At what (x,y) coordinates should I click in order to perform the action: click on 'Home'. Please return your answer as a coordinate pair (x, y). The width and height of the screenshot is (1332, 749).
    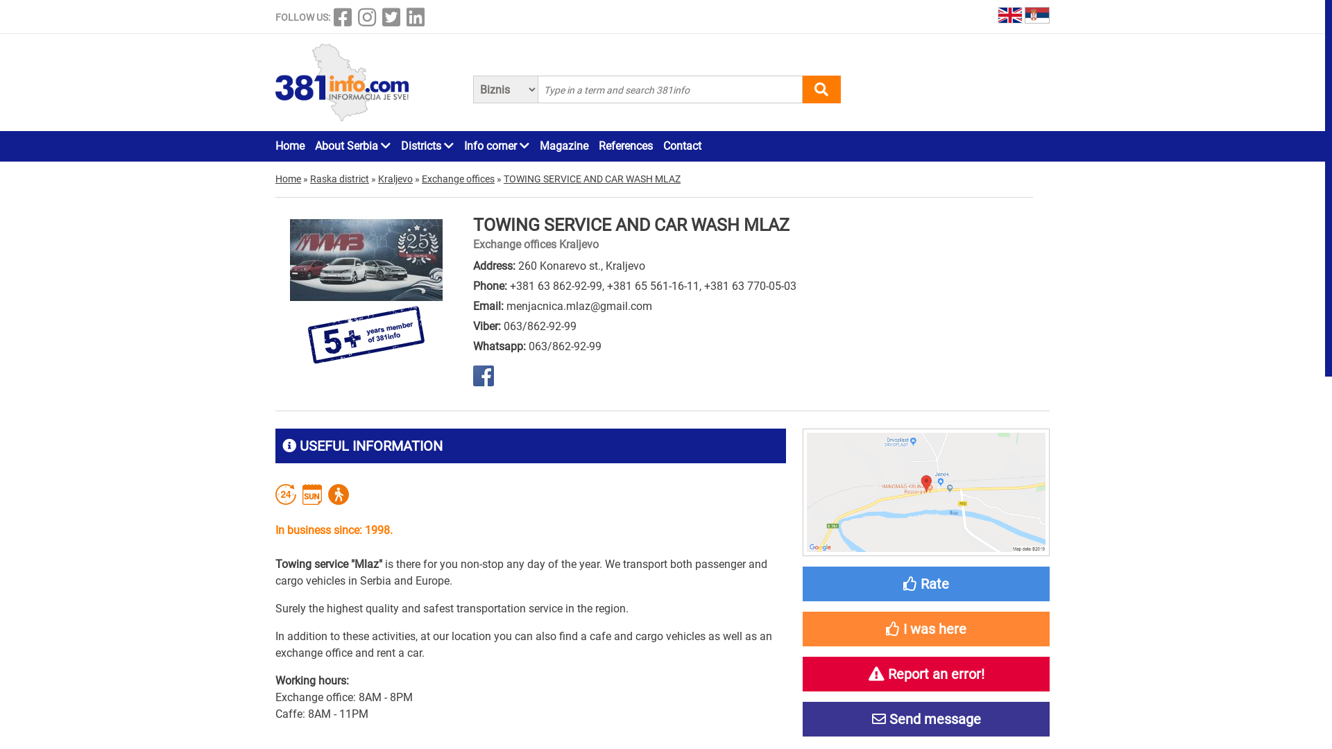
    Looking at the image, I should click on (287, 178).